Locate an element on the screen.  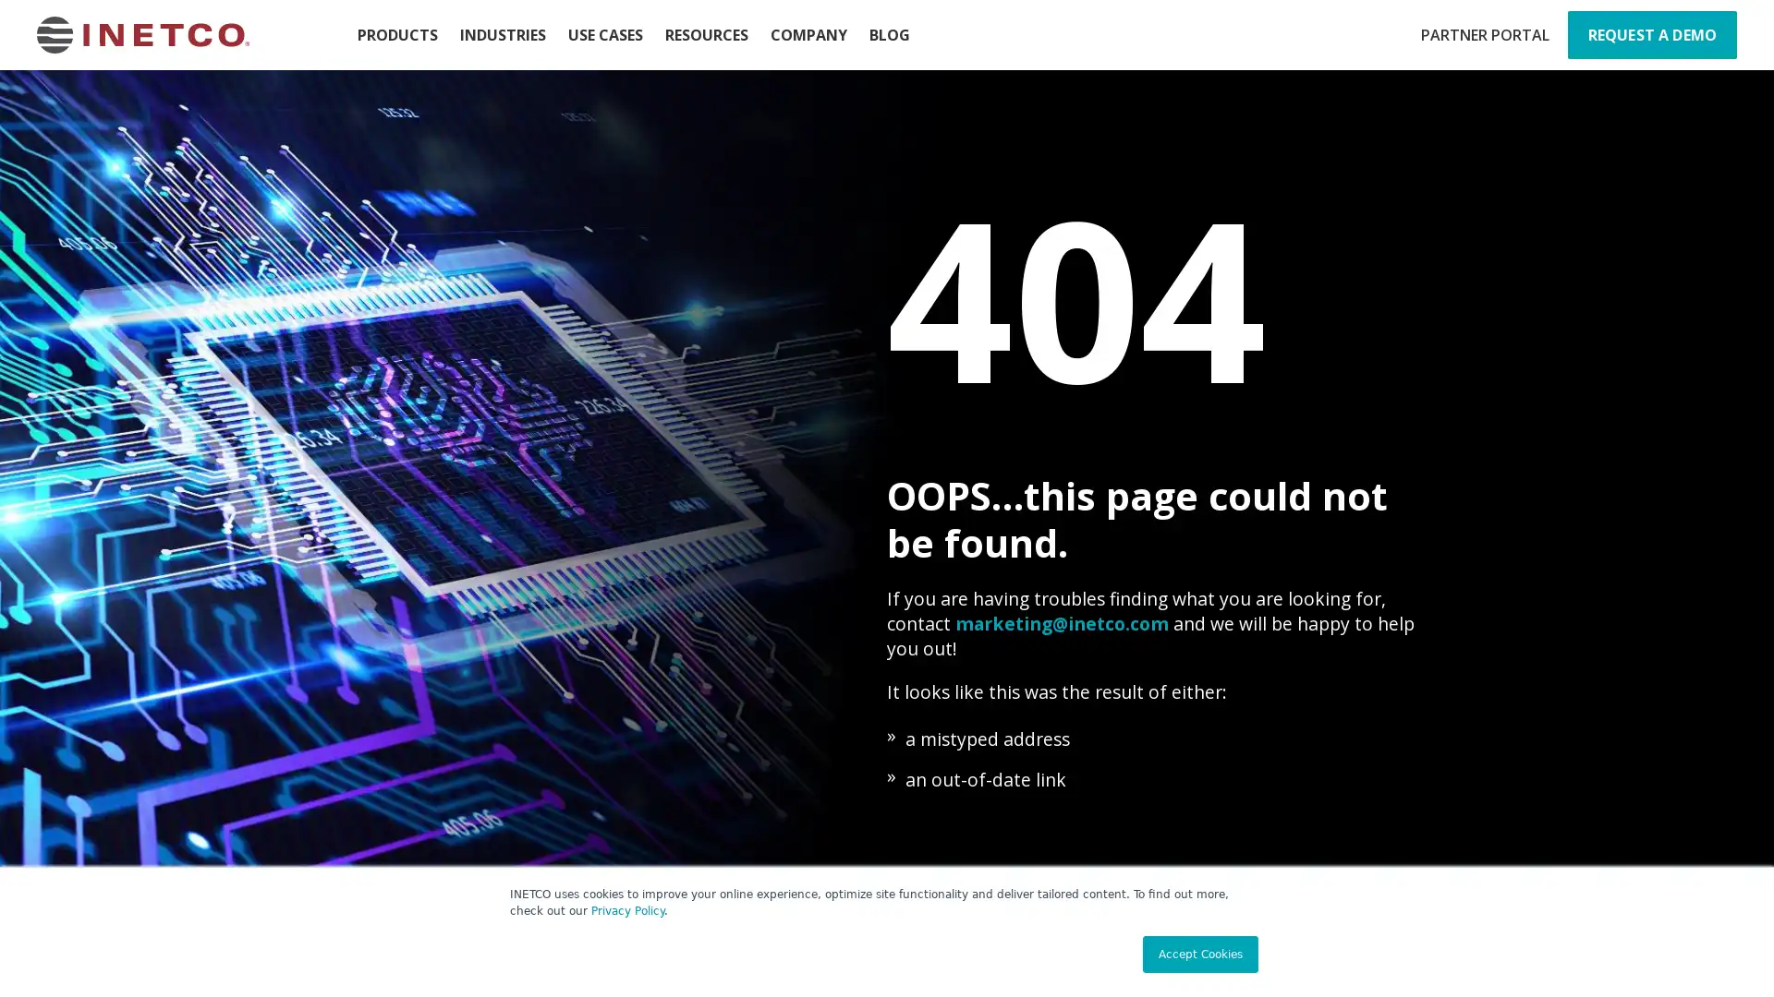
Accept Cookies is located at coordinates (1200, 954).